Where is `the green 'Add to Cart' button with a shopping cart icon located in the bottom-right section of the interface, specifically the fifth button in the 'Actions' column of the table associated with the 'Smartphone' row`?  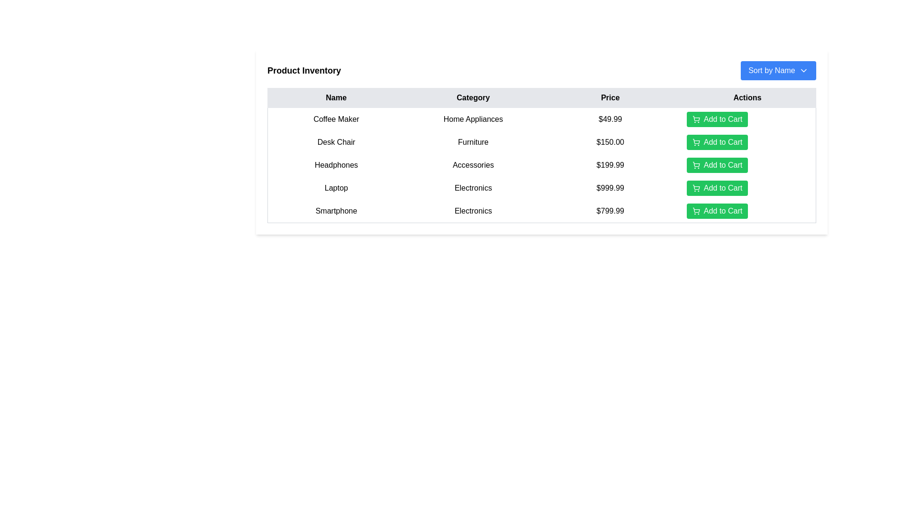
the green 'Add to Cart' button with a shopping cart icon located in the bottom-right section of the interface, specifically the fifth button in the 'Actions' column of the table associated with the 'Smartphone' row is located at coordinates (717, 211).